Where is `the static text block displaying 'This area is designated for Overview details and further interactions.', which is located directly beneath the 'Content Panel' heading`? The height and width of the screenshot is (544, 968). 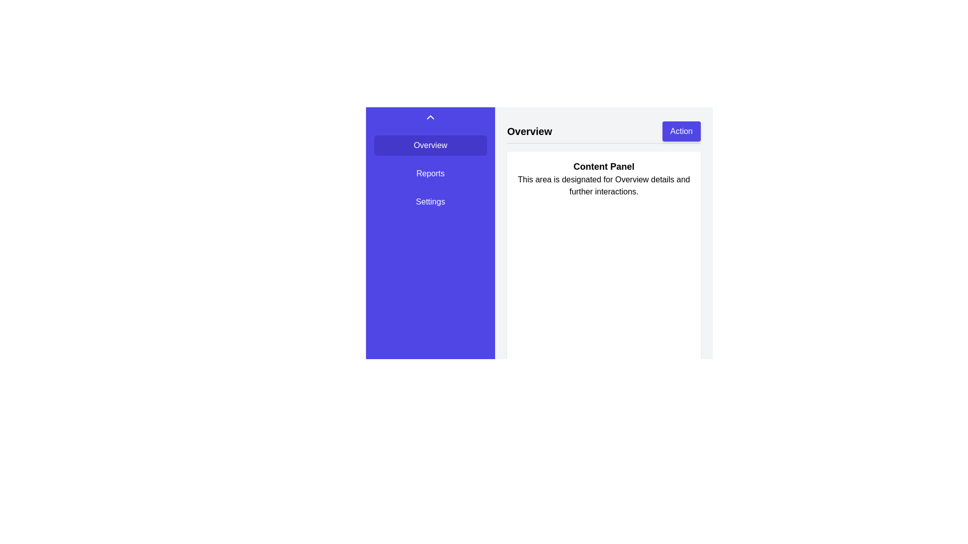 the static text block displaying 'This area is designated for Overview details and further interactions.', which is located directly beneath the 'Content Panel' heading is located at coordinates (604, 186).